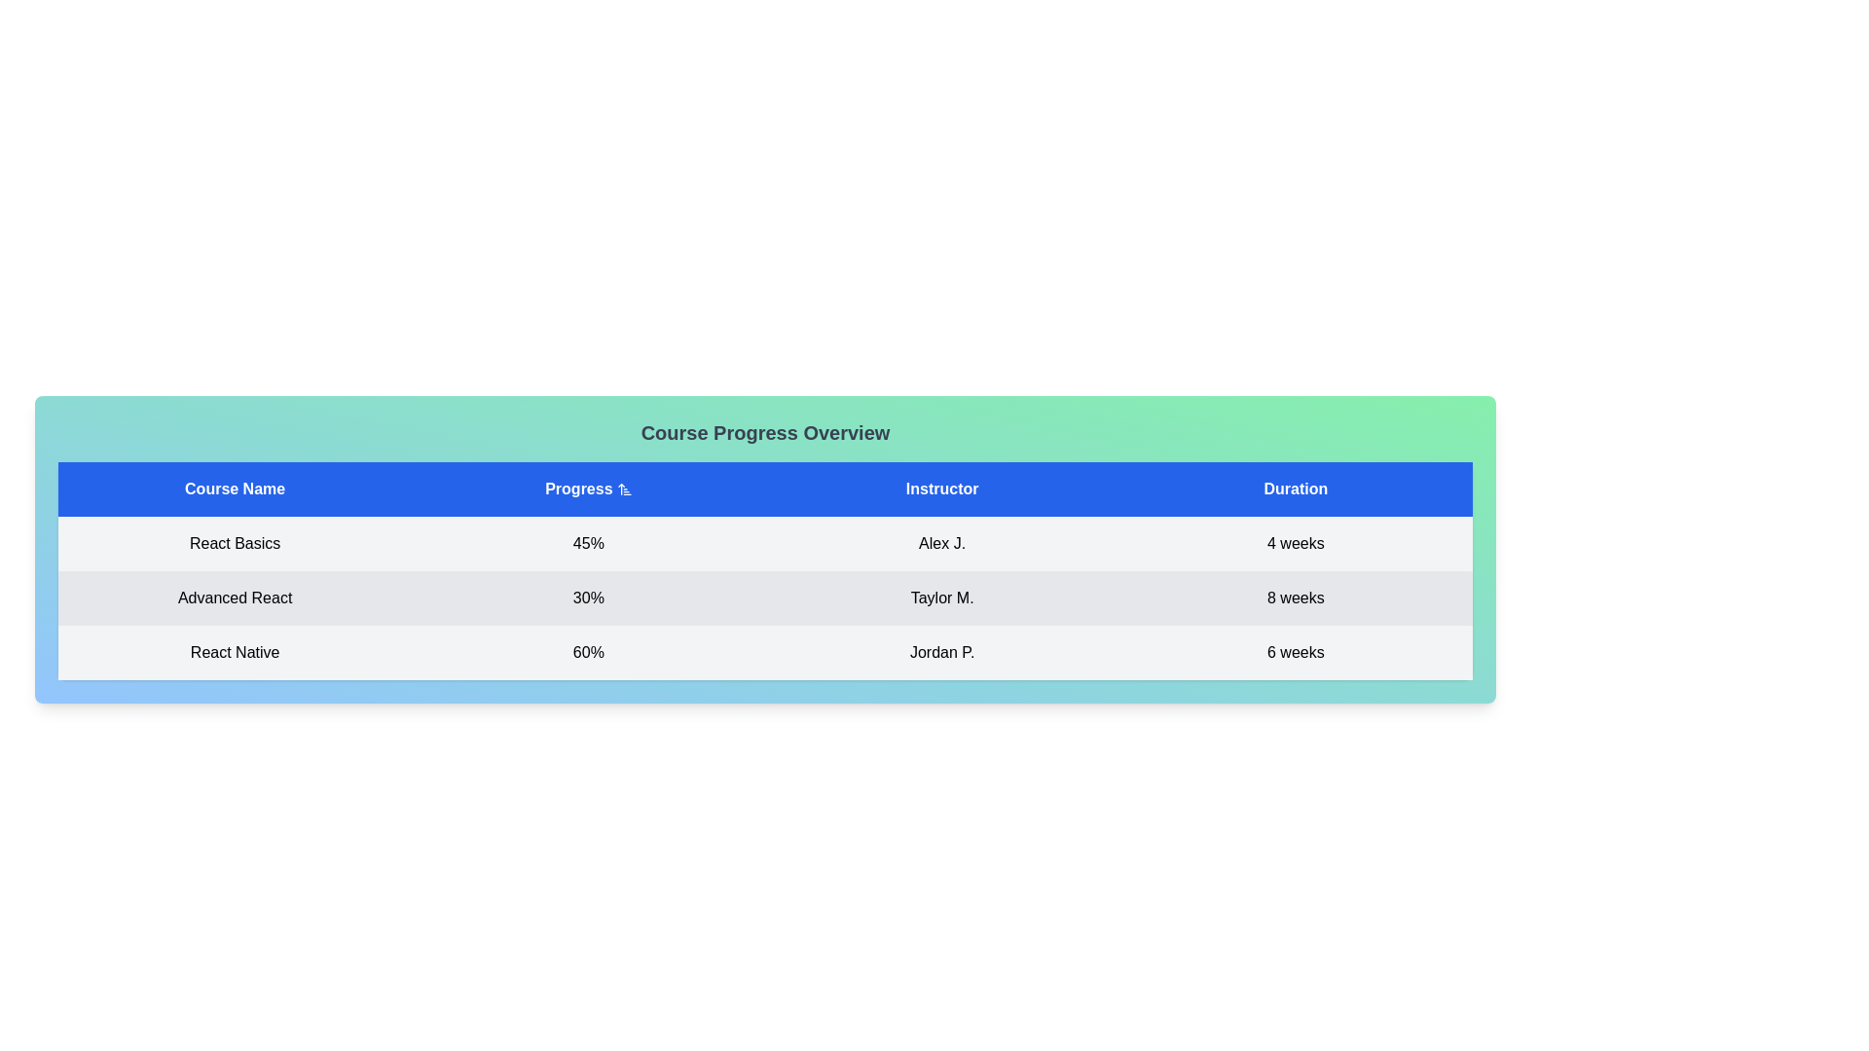 The width and height of the screenshot is (1869, 1051). Describe the element at coordinates (234, 653) in the screenshot. I see `the text label displaying the name of a specific course in the first column of the third row under the 'Course Name' header` at that location.